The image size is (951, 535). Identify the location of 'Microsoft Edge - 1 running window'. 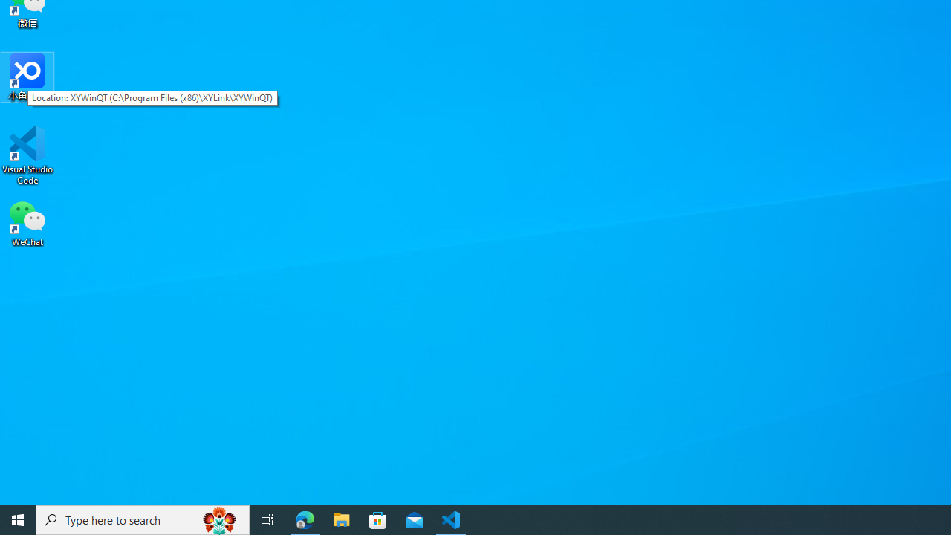
(305, 519).